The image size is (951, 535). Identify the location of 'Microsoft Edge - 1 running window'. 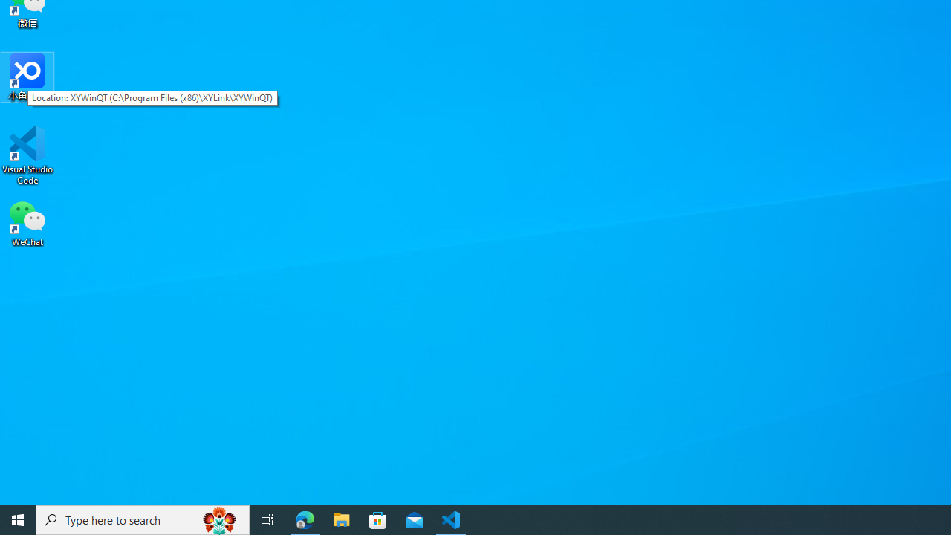
(305, 519).